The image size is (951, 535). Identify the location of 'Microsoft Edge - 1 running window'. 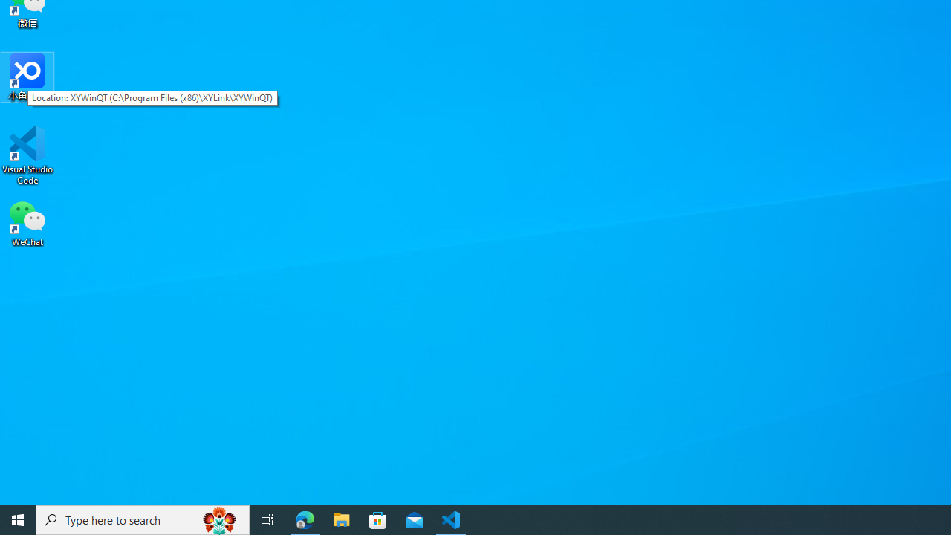
(305, 519).